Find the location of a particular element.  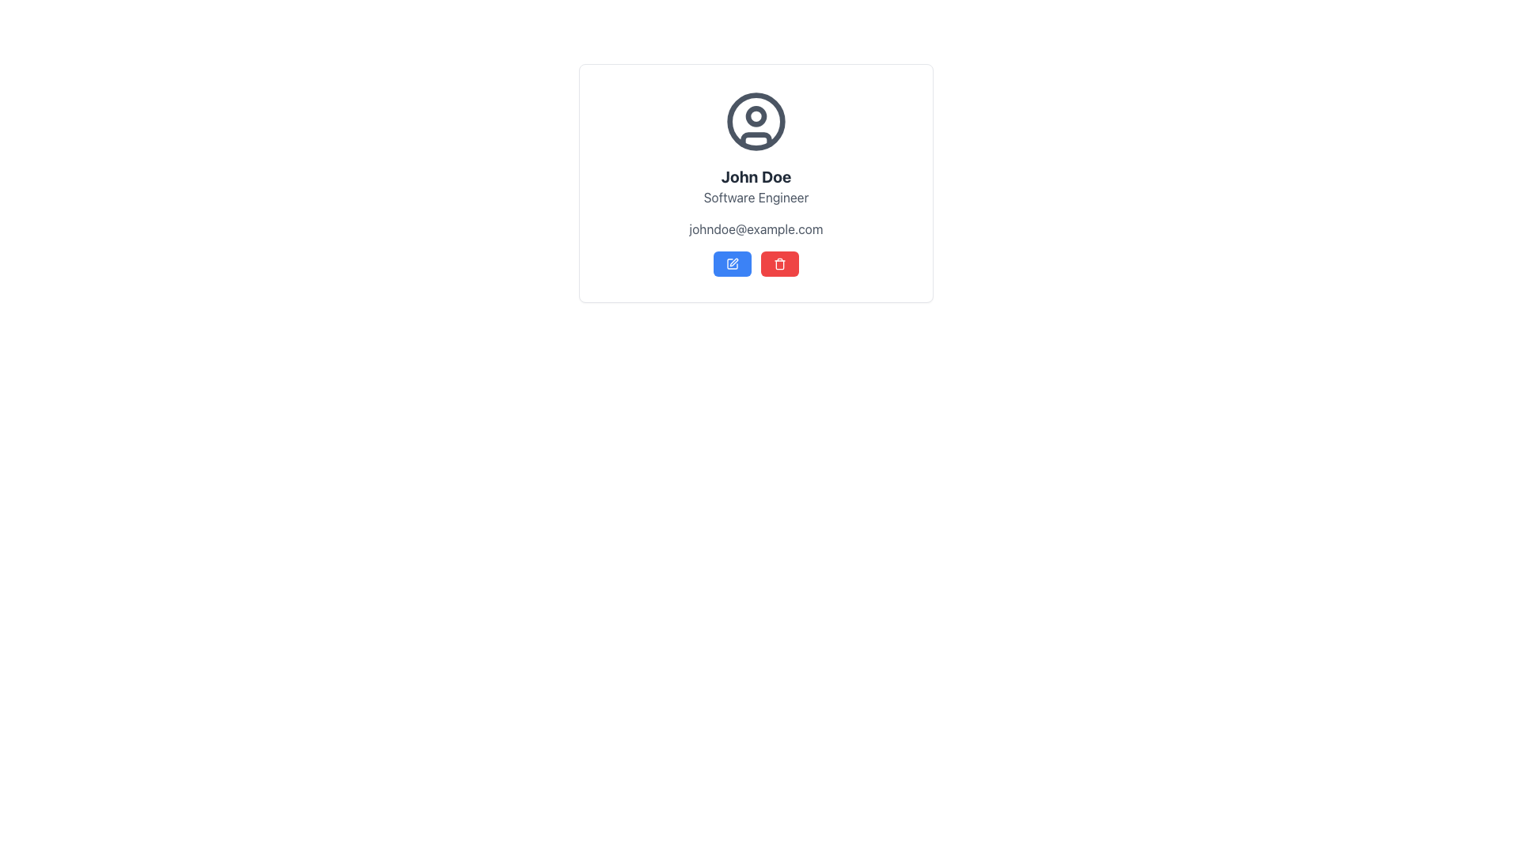

the contact detail text element that appears as the last visible item in the user information card, located under the title 'Software Engineer' is located at coordinates (755, 229).